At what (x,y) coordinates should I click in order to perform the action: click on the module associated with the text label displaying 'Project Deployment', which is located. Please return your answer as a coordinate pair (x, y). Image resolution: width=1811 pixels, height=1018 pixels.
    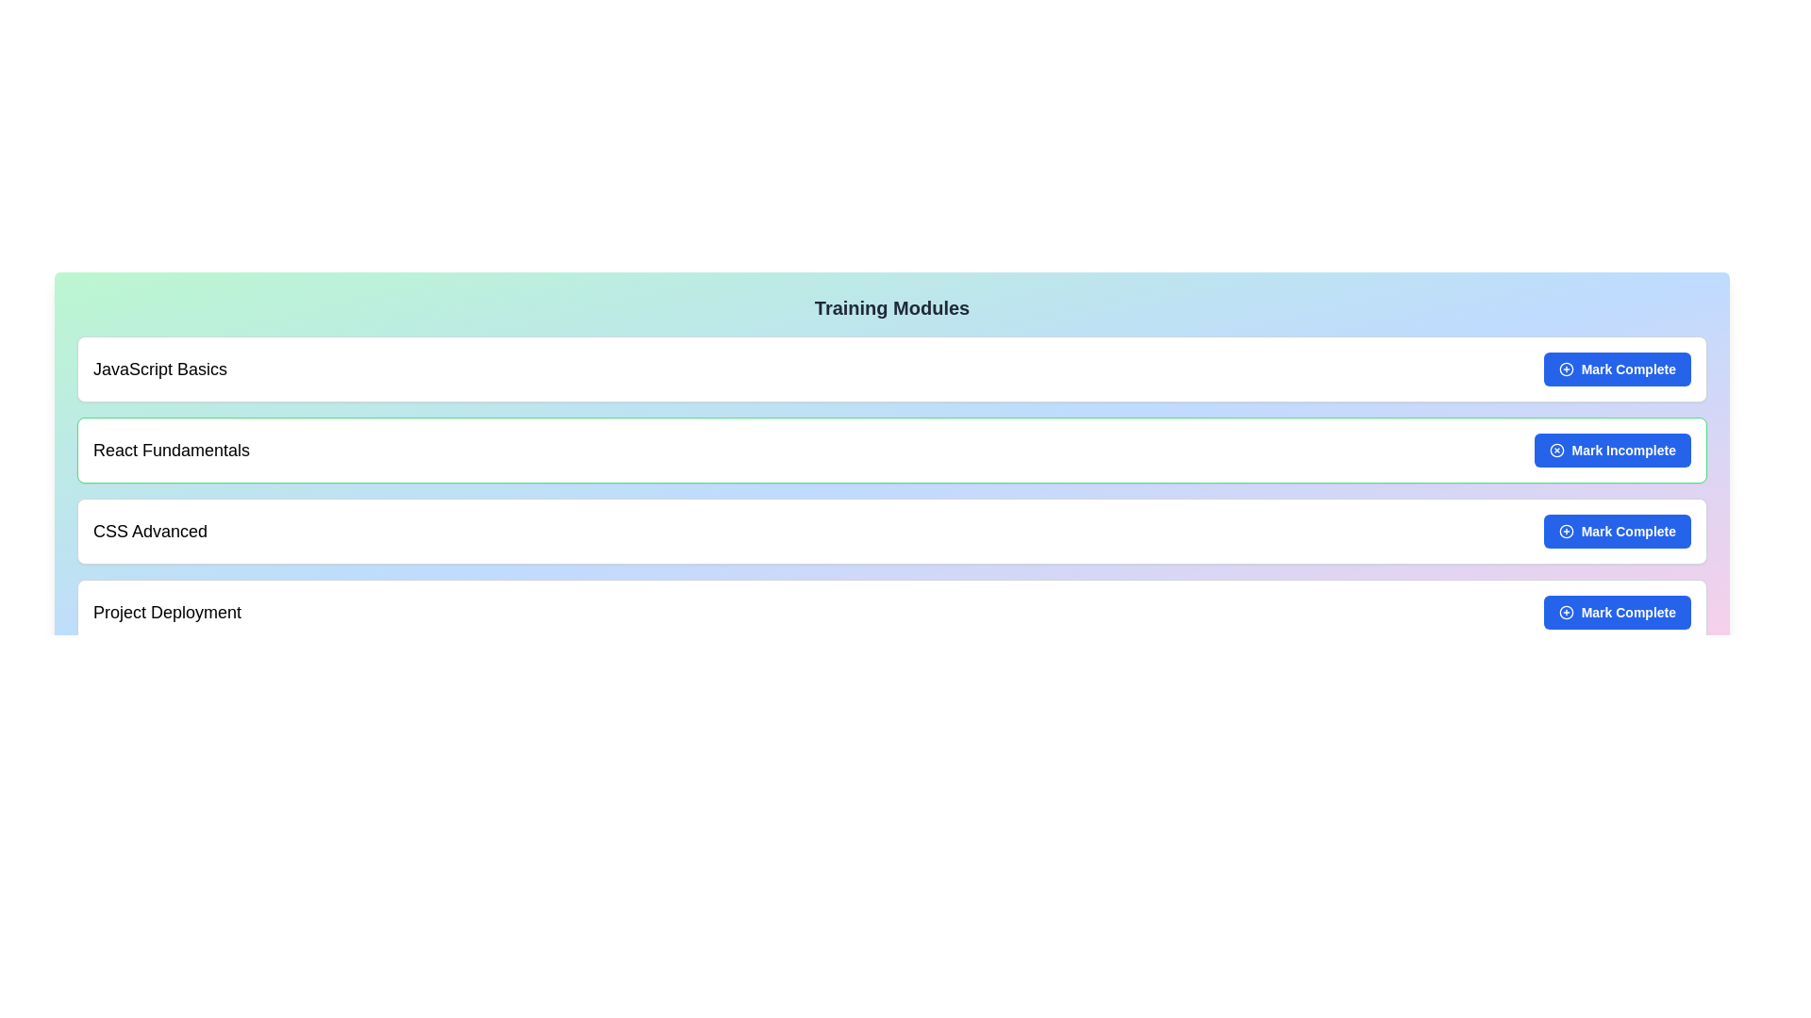
    Looking at the image, I should click on (167, 613).